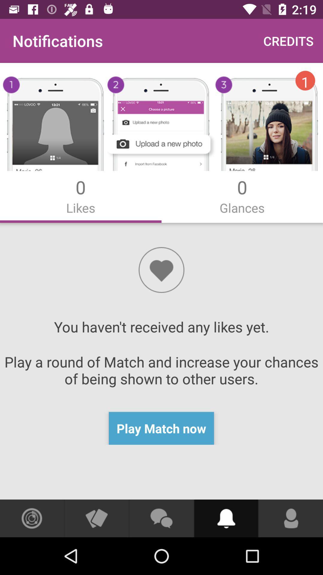  What do you see at coordinates (161, 518) in the screenshot?
I see `chat option` at bounding box center [161, 518].